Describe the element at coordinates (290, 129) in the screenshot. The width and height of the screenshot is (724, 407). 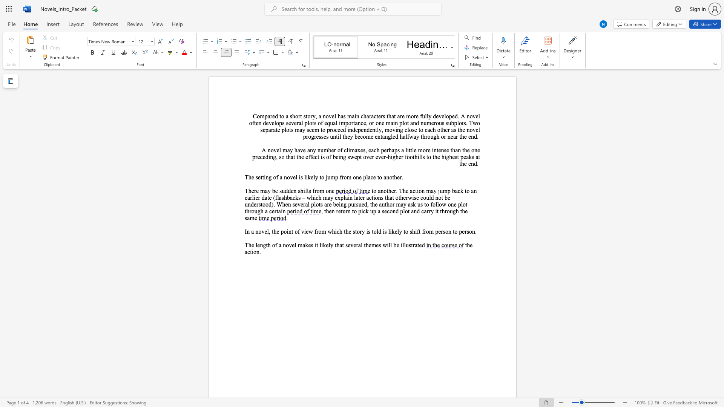
I see `the subset text "s ma" within the text "subplots. Two separate plots may seem to"` at that location.